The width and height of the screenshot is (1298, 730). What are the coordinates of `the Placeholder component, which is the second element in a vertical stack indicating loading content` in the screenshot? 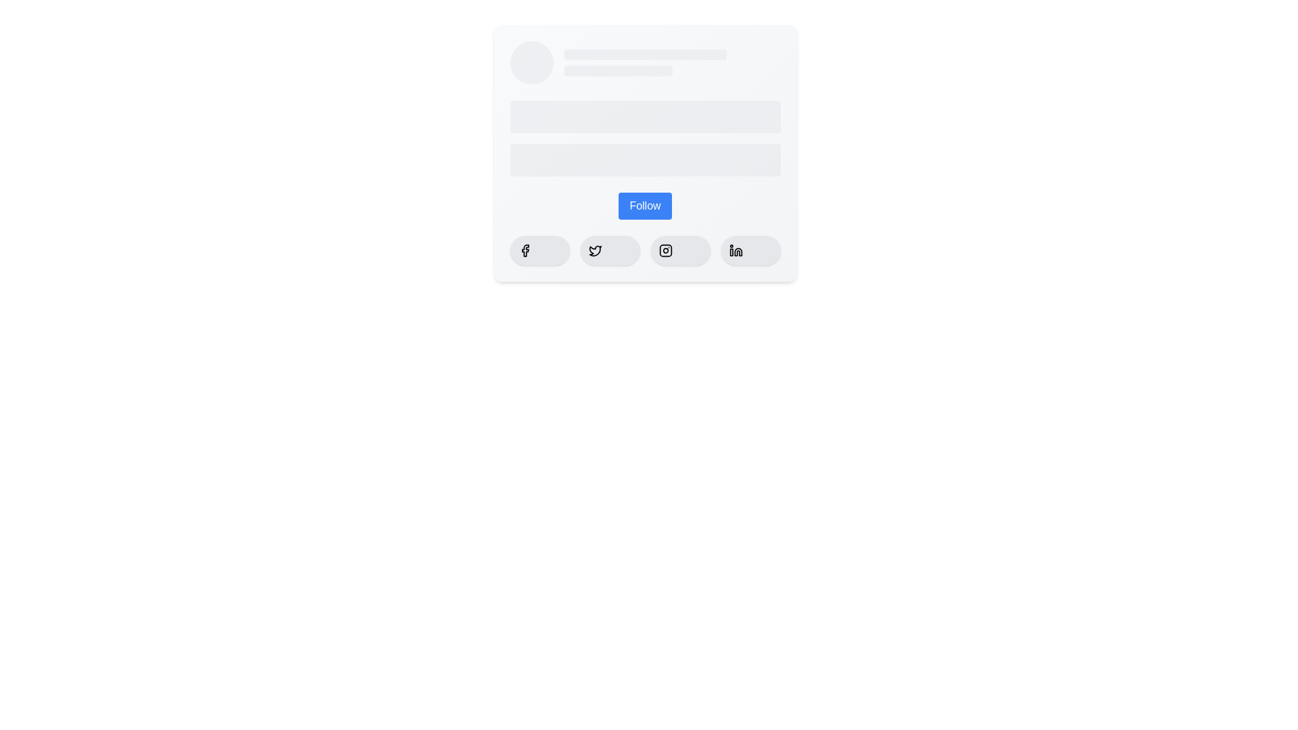 It's located at (644, 159).